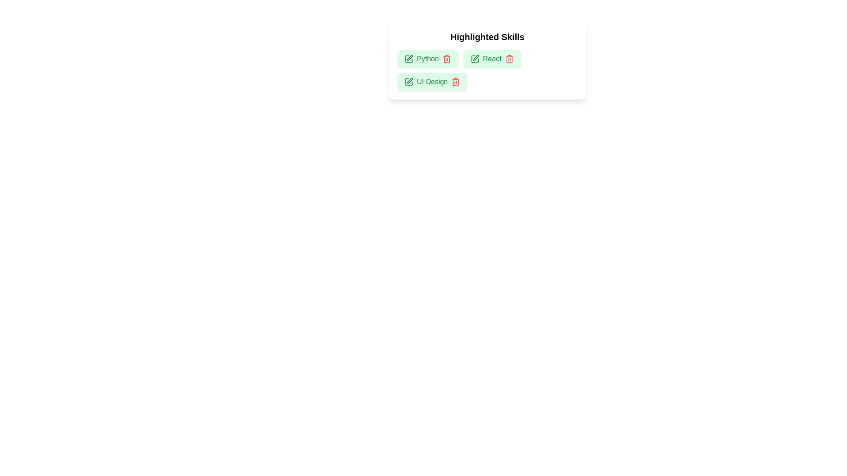 The width and height of the screenshot is (847, 476). What do you see at coordinates (408, 82) in the screenshot?
I see `edit icon next to the skill UI Design to initiate editing` at bounding box center [408, 82].